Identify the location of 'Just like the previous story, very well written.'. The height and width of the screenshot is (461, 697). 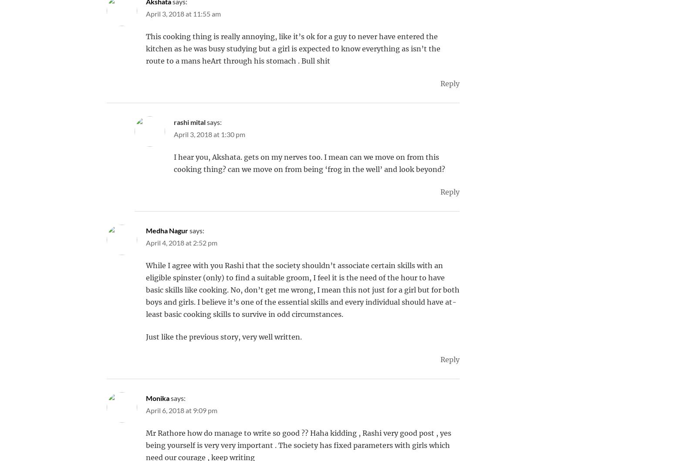
(223, 336).